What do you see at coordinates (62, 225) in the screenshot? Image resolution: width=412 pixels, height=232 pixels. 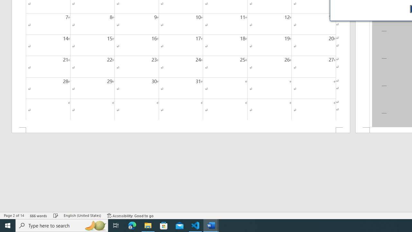 I see `'Type here to search'` at bounding box center [62, 225].